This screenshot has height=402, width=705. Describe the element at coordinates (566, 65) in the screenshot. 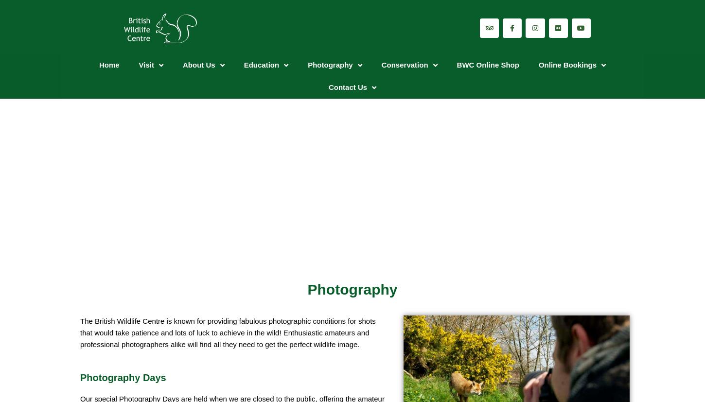

I see `'Online Bookings'` at that location.